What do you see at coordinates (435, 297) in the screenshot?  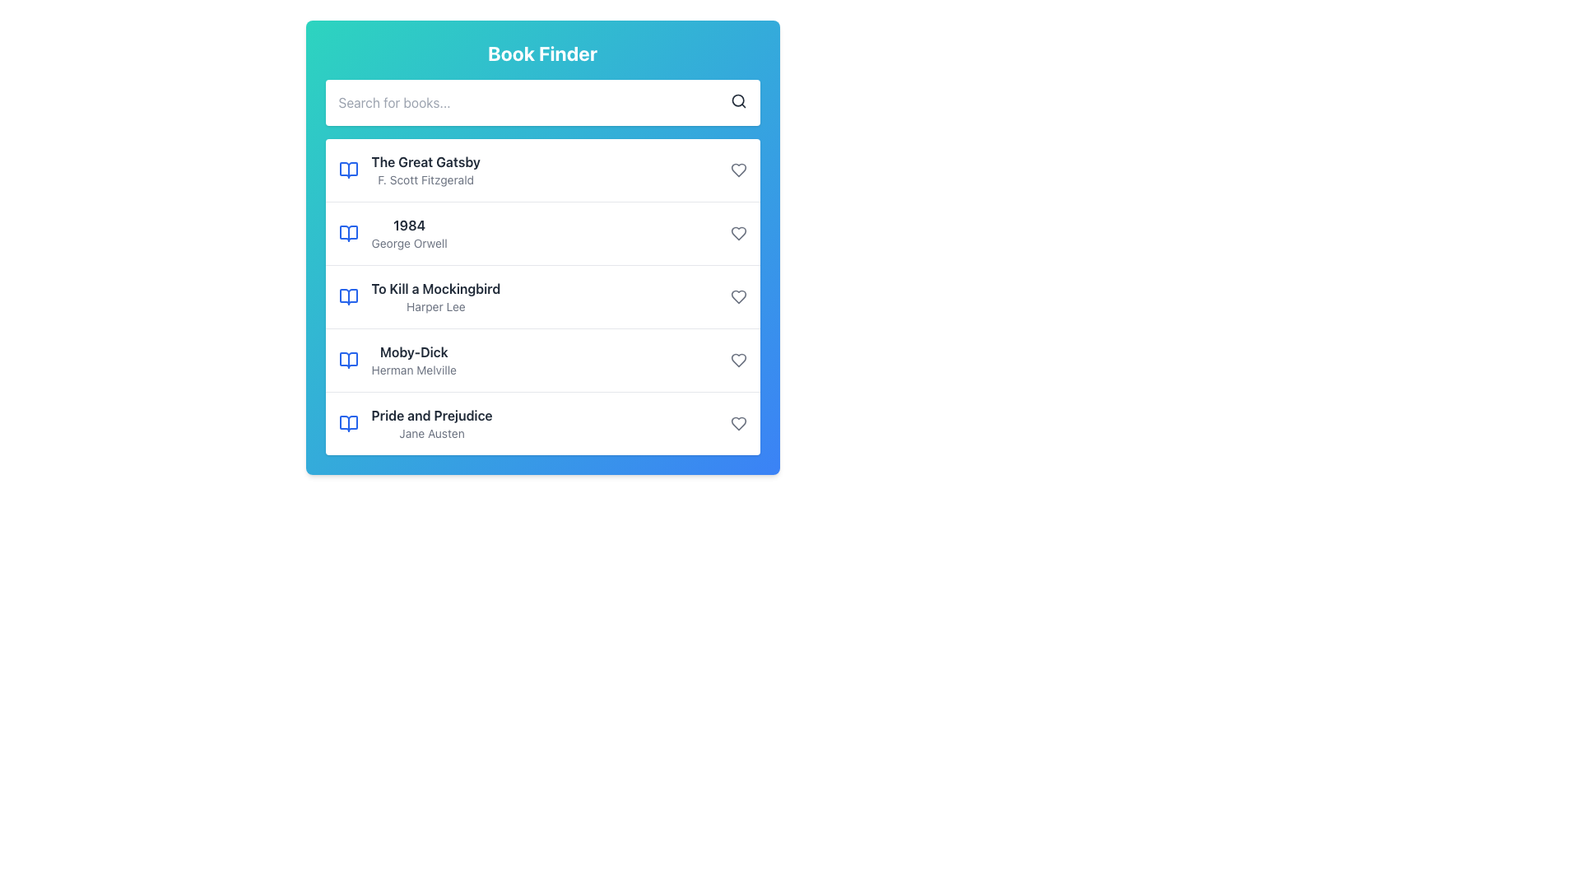 I see `the third entry` at bounding box center [435, 297].